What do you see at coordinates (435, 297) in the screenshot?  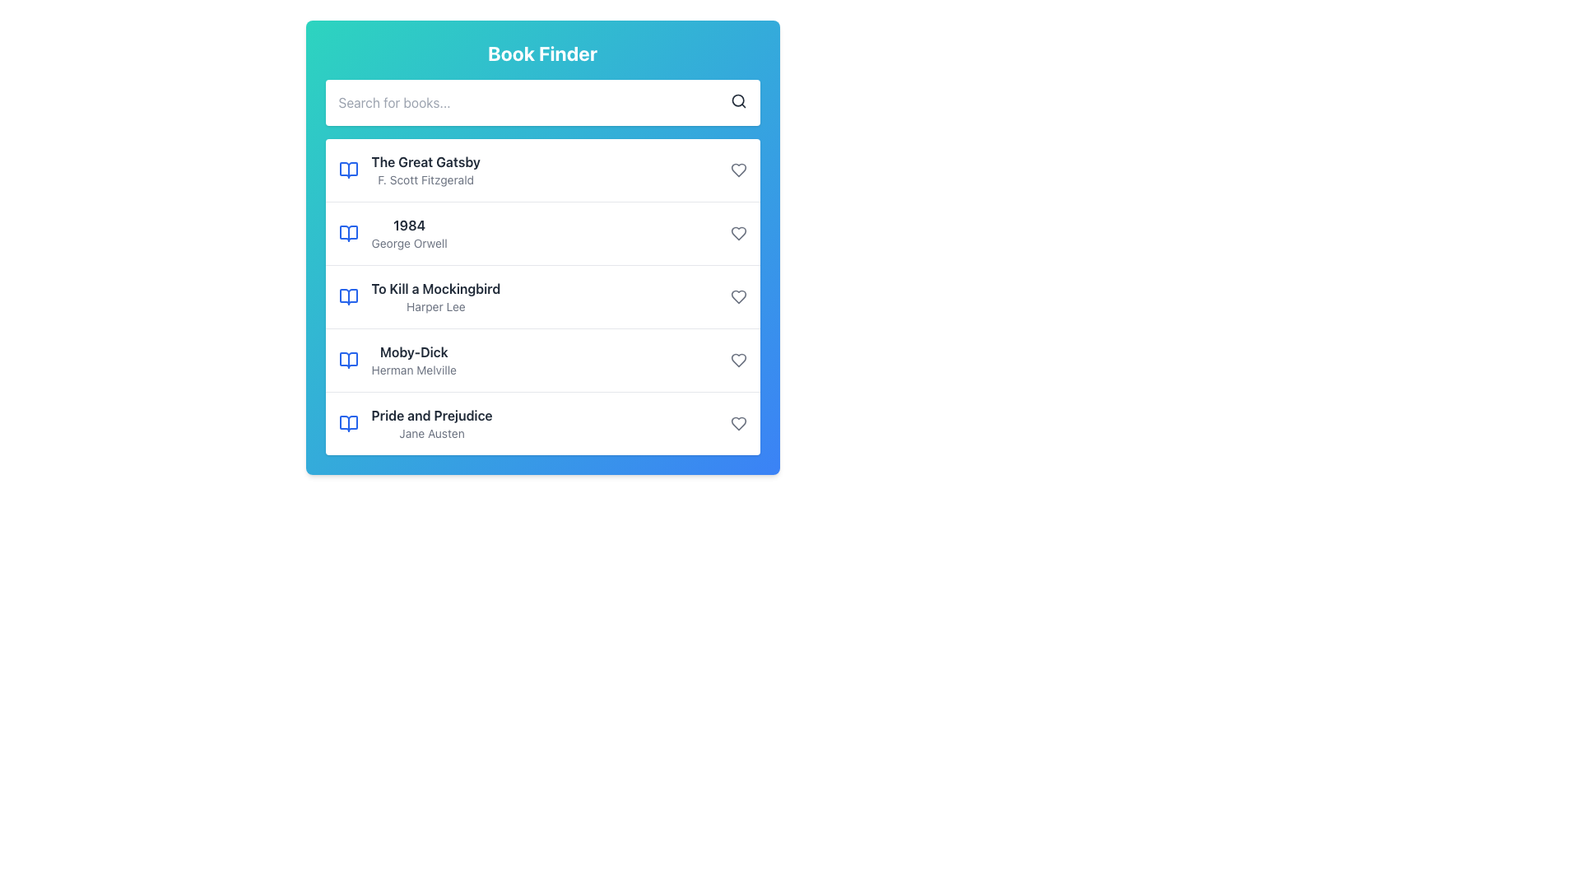 I see `the third entry` at bounding box center [435, 297].